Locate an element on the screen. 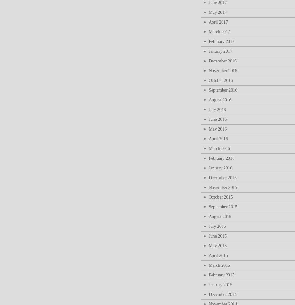 The width and height of the screenshot is (295, 305). 'April 2016' is located at coordinates (218, 138).